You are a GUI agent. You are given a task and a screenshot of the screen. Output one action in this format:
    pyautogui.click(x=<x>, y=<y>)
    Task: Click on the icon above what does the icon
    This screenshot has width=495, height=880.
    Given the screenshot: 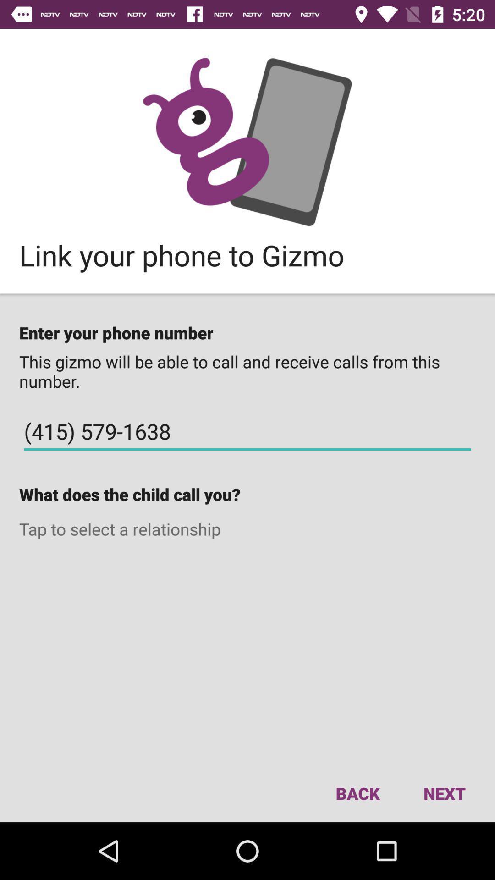 What is the action you would take?
    pyautogui.click(x=247, y=431)
    